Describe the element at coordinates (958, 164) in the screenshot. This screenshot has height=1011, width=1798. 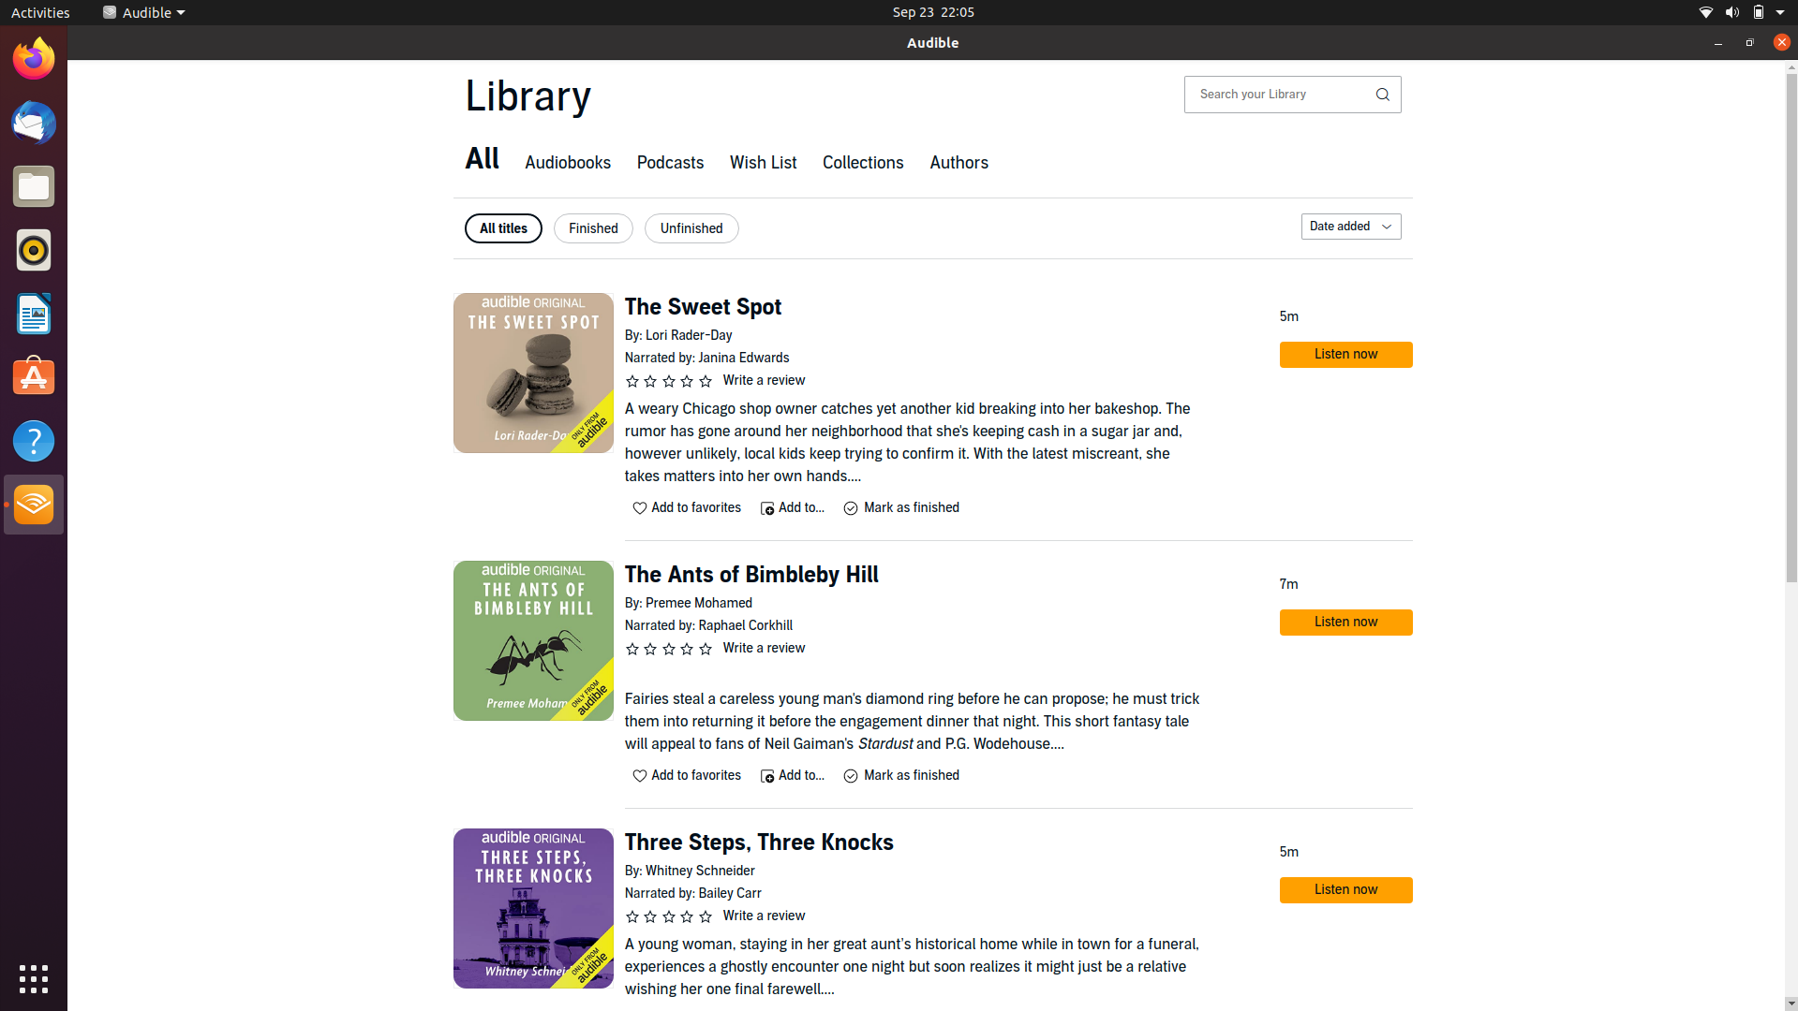
I see `"Authors" tab` at that location.